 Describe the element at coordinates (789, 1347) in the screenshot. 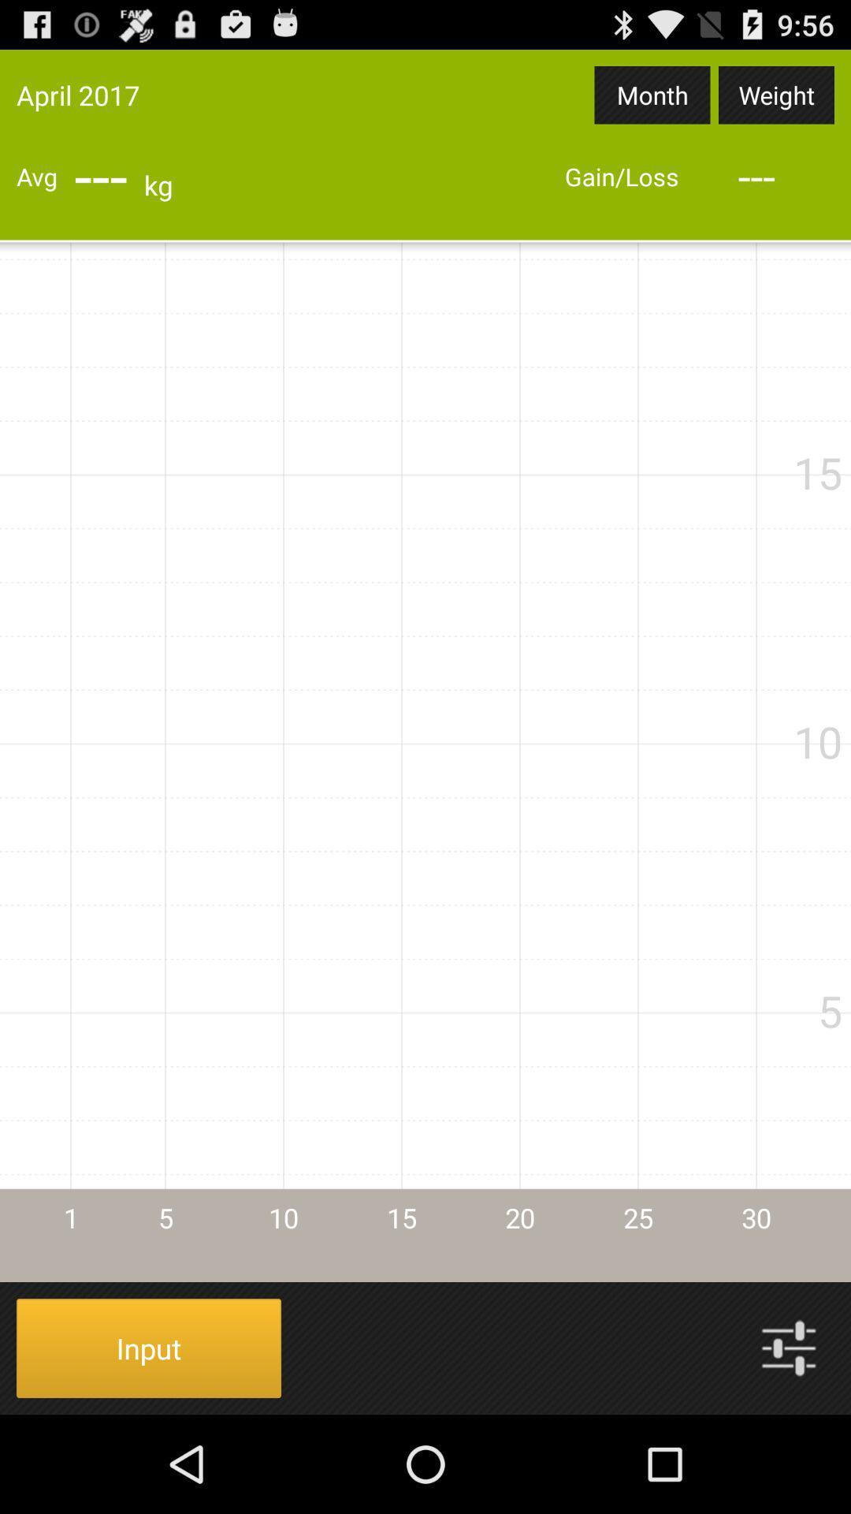

I see `the icon at the bottom right corner` at that location.